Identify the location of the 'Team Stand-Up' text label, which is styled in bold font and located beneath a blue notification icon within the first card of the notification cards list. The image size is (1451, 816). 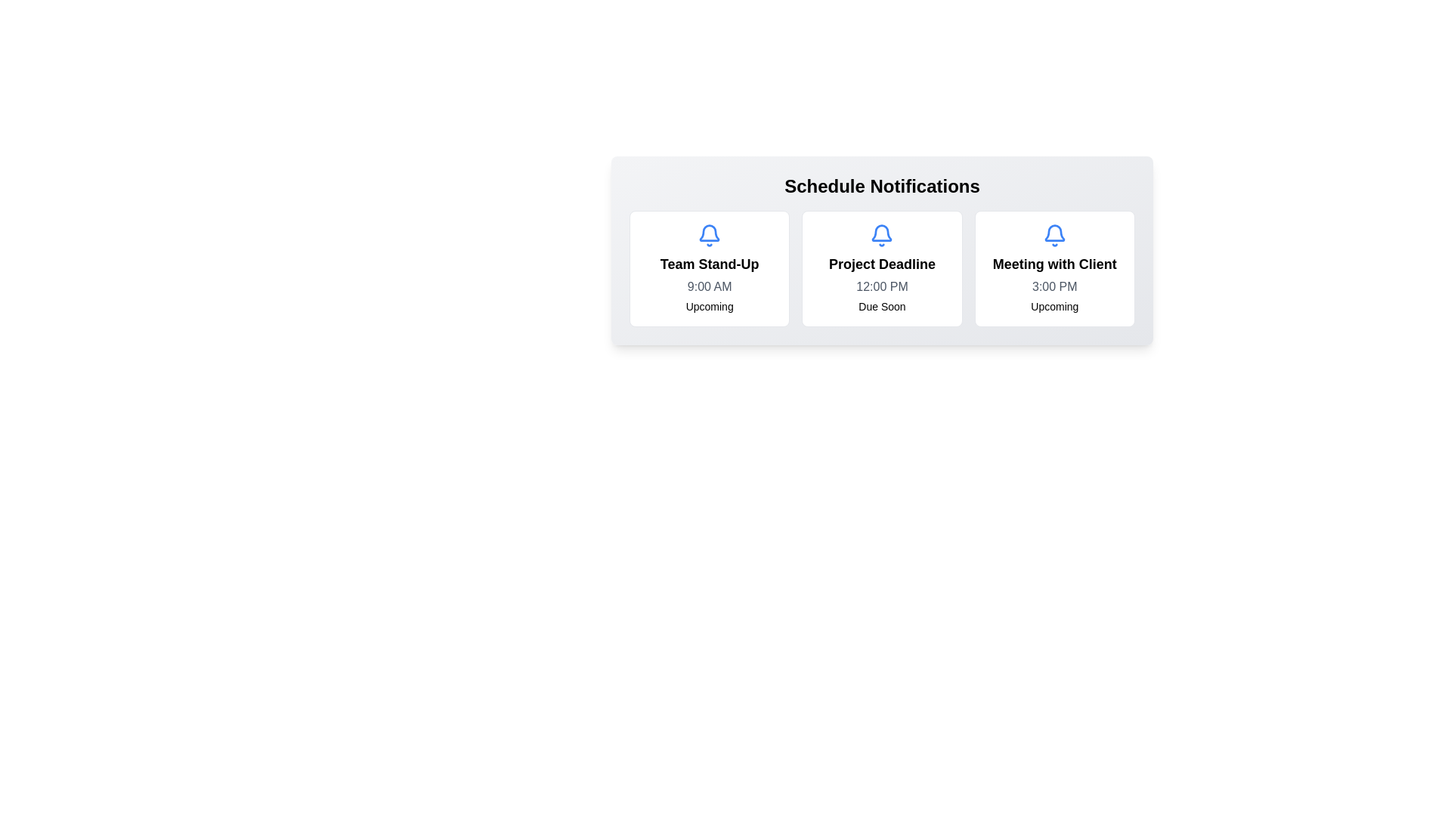
(709, 264).